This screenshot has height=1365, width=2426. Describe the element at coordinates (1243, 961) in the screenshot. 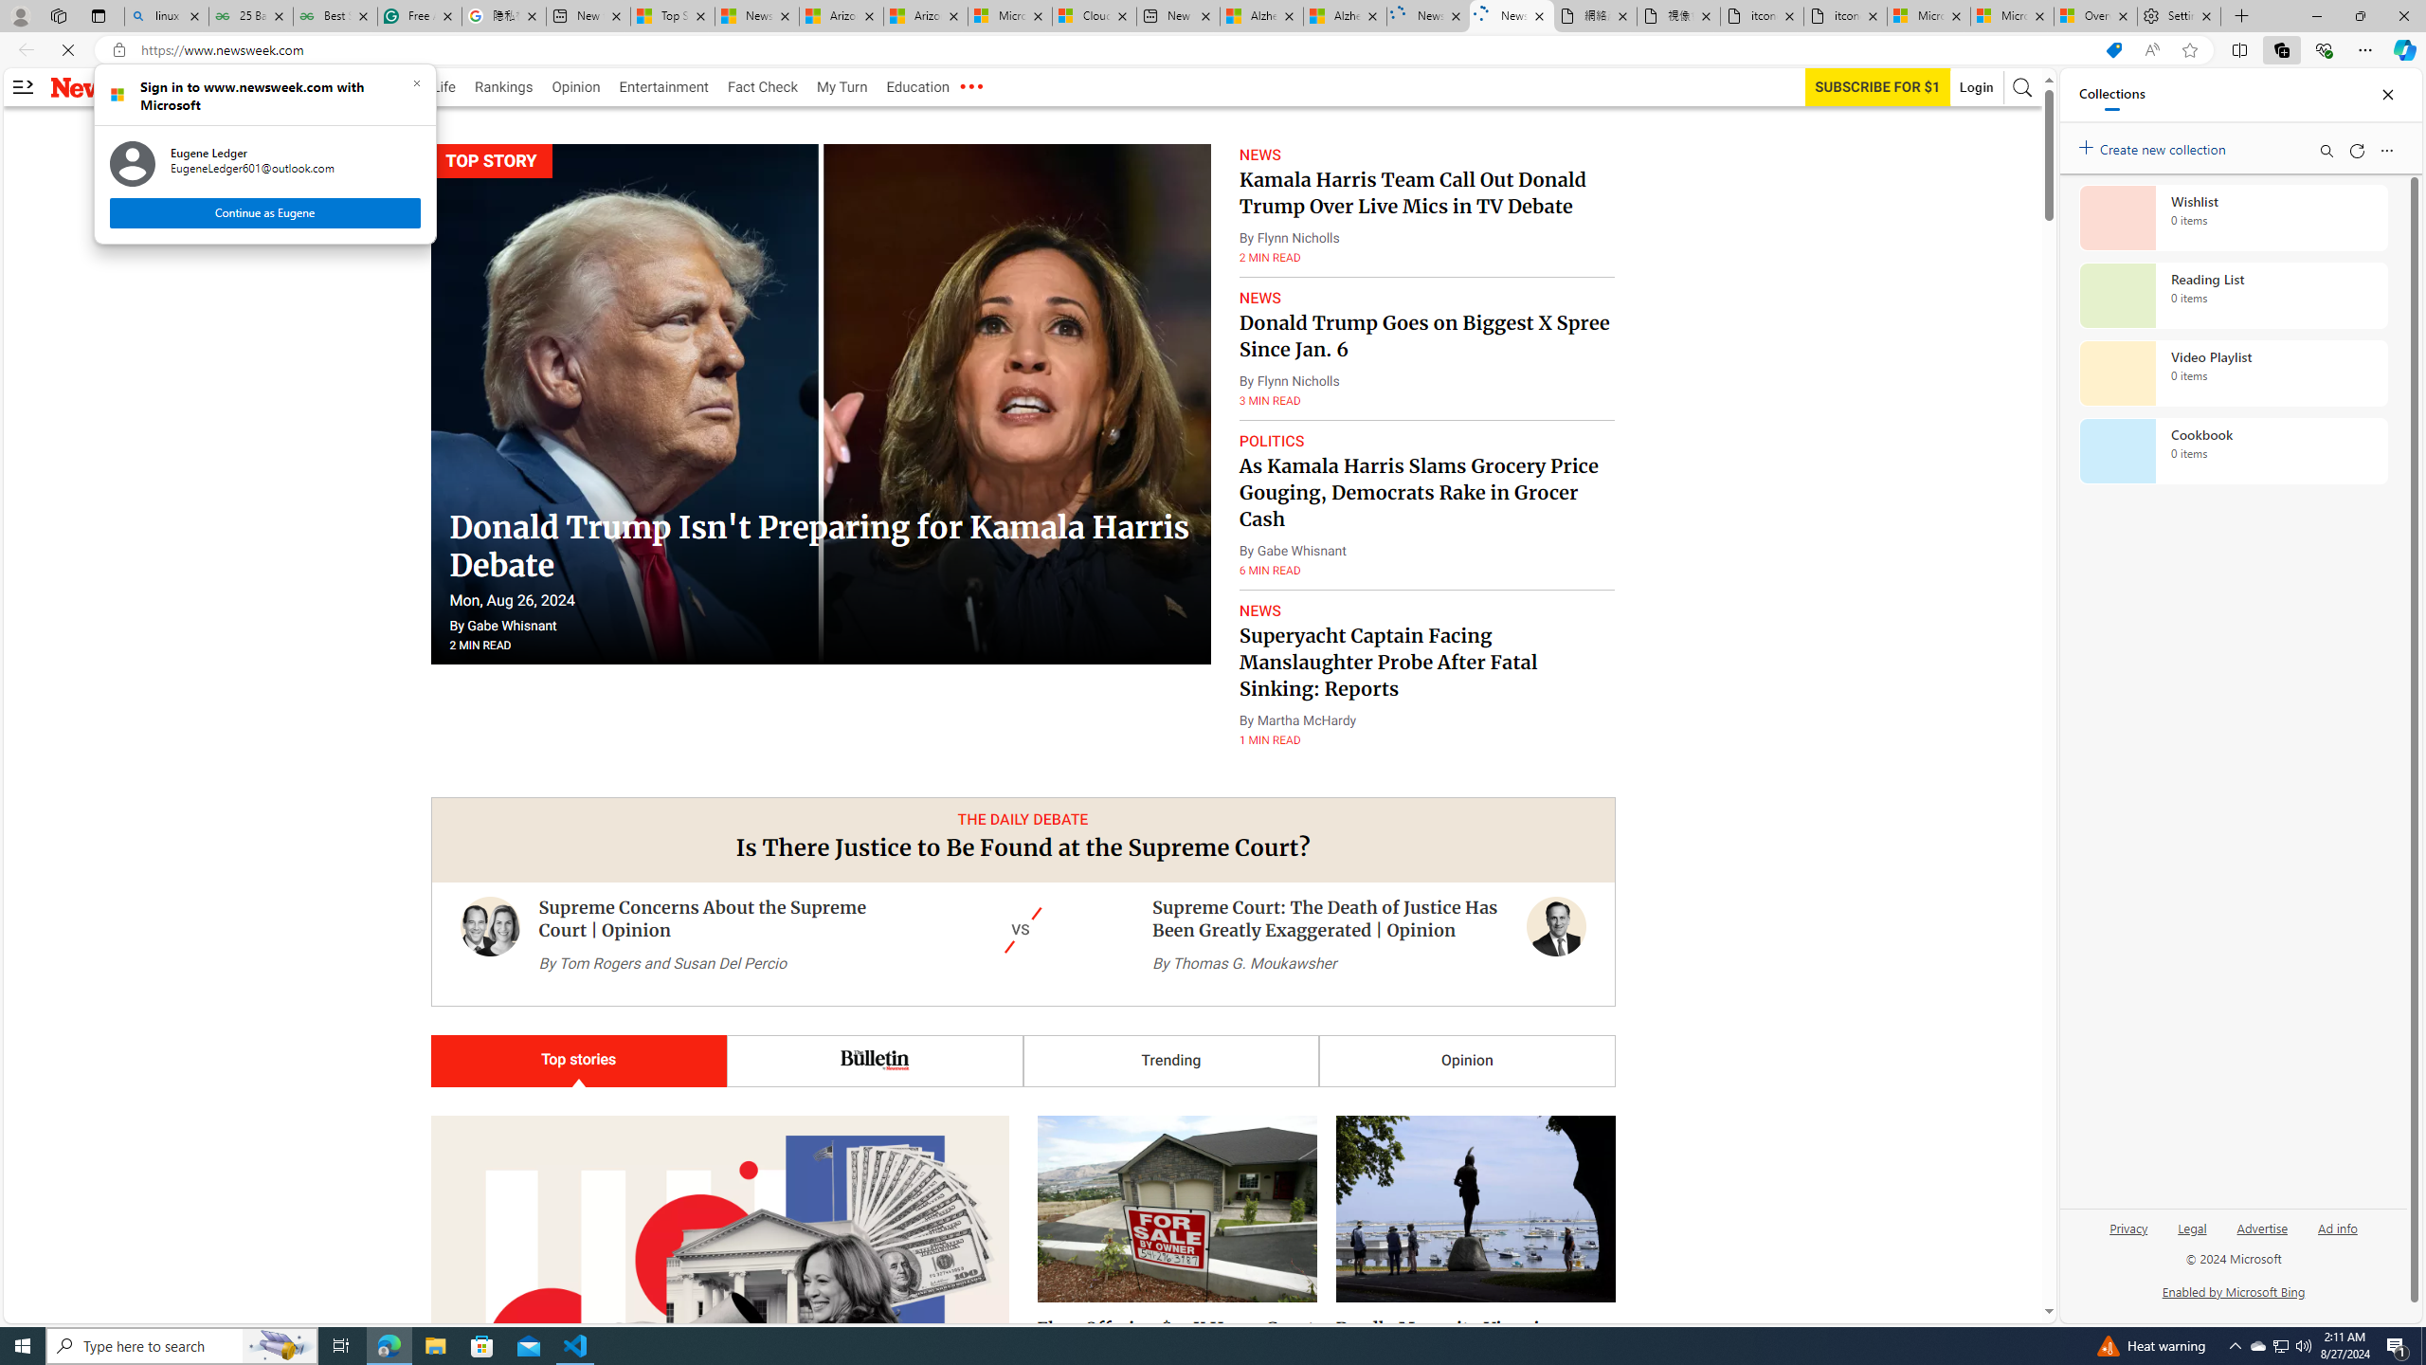

I see `'By Thomas G. Moukawsher'` at that location.